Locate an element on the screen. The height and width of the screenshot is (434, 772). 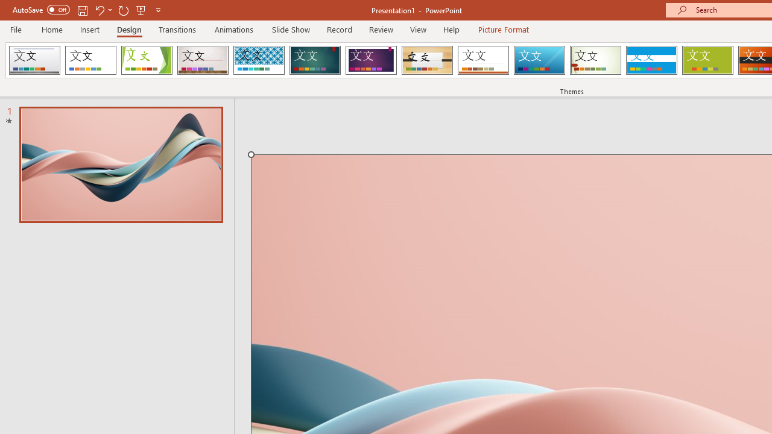
'Integral' is located at coordinates (258, 60).